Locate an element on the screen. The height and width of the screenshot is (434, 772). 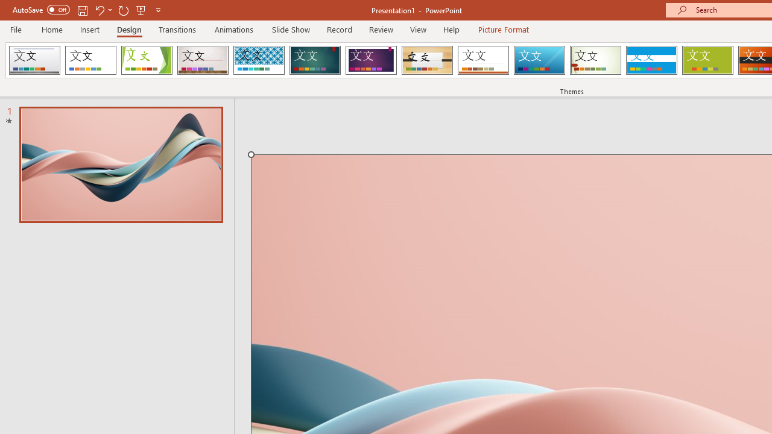
'Integral' is located at coordinates (258, 60).